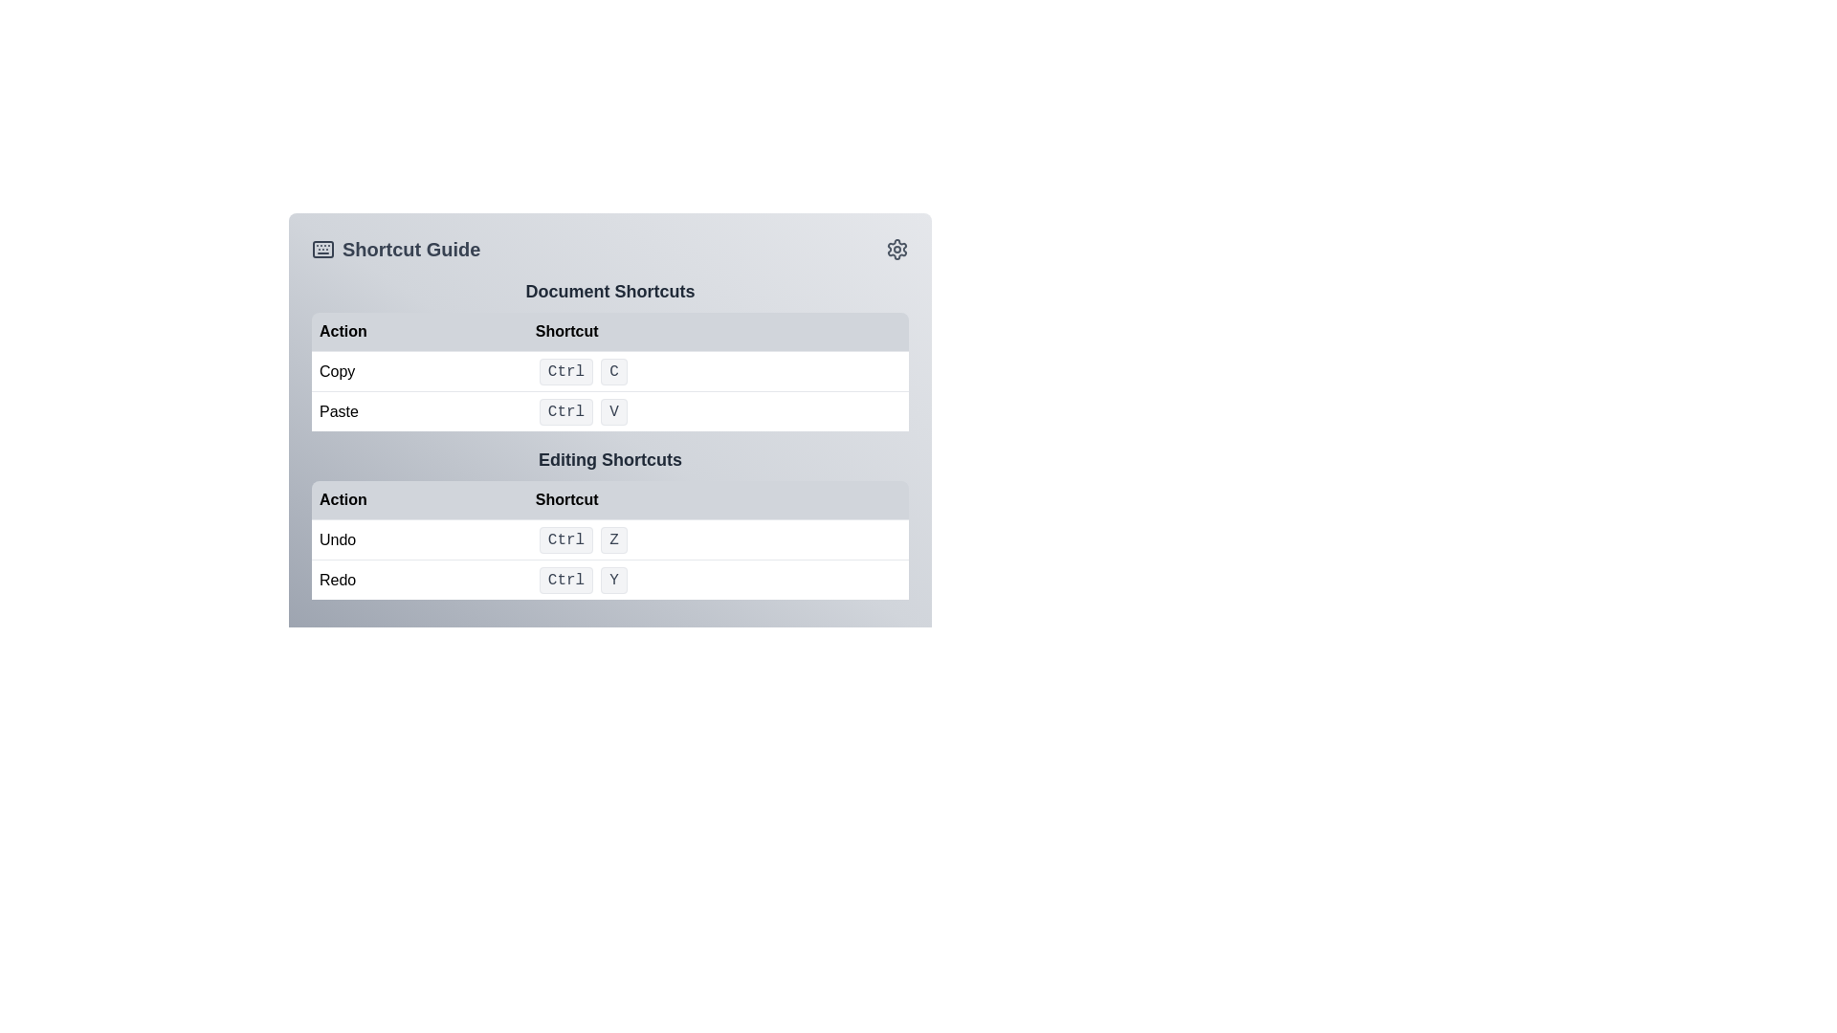 Image resolution: width=1837 pixels, height=1033 pixels. Describe the element at coordinates (896, 249) in the screenshot. I see `the gear-shaped icon located in the top-right corner of the shortcut guide` at that location.